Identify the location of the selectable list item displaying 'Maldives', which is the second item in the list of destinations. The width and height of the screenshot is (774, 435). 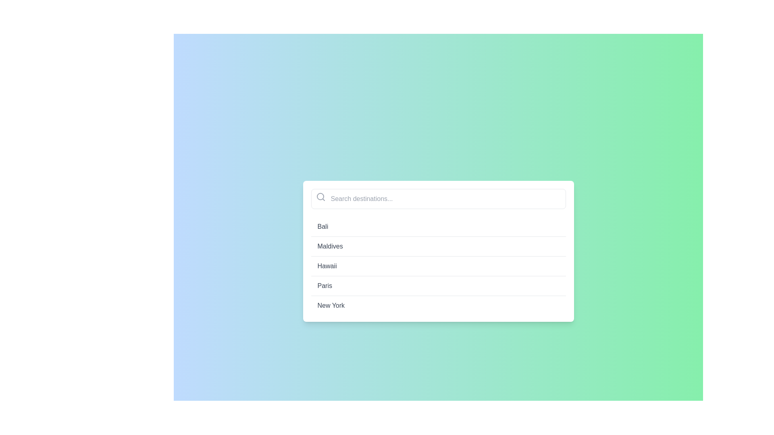
(438, 251).